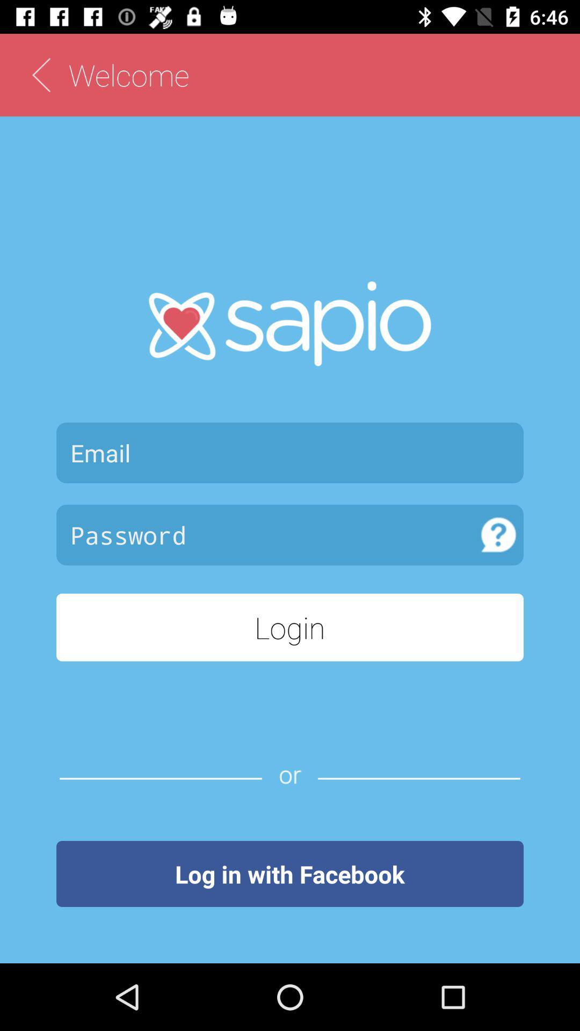  I want to click on item above login, so click(498, 534).